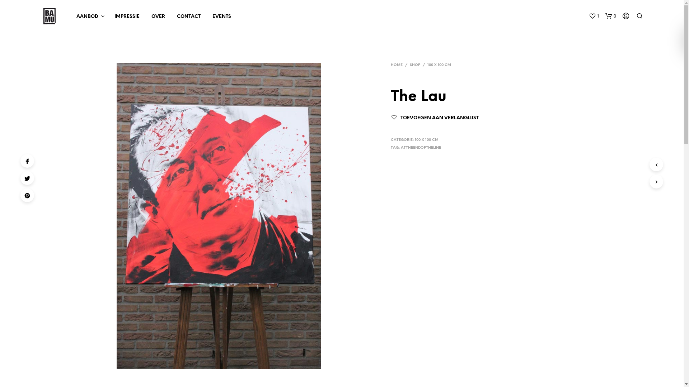  What do you see at coordinates (604, 16) in the screenshot?
I see `'0'` at bounding box center [604, 16].